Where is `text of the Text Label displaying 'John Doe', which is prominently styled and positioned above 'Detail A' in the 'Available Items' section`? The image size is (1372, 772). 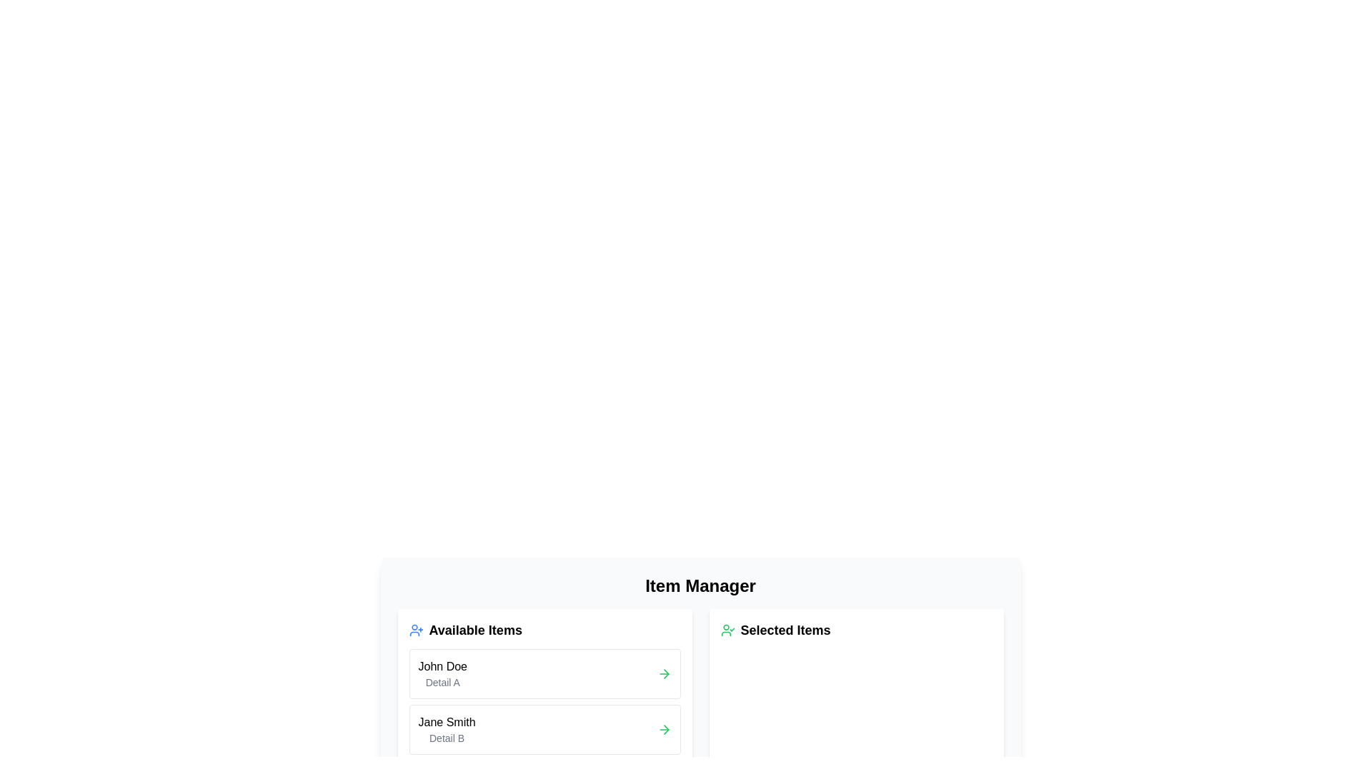 text of the Text Label displaying 'John Doe', which is prominently styled and positioned above 'Detail A' in the 'Available Items' section is located at coordinates (442, 667).